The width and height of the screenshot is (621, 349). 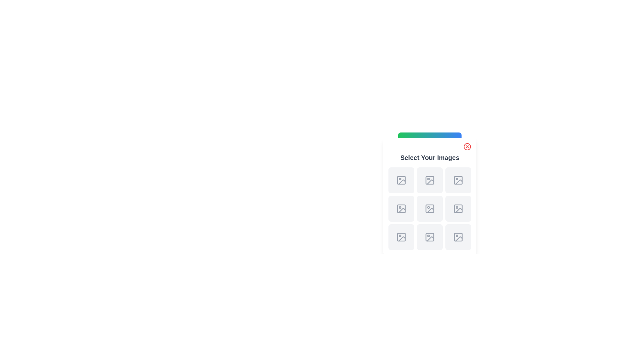 I want to click on the interactive image placeholder icon located in the second row, first column of the selection grid, so click(x=430, y=180).